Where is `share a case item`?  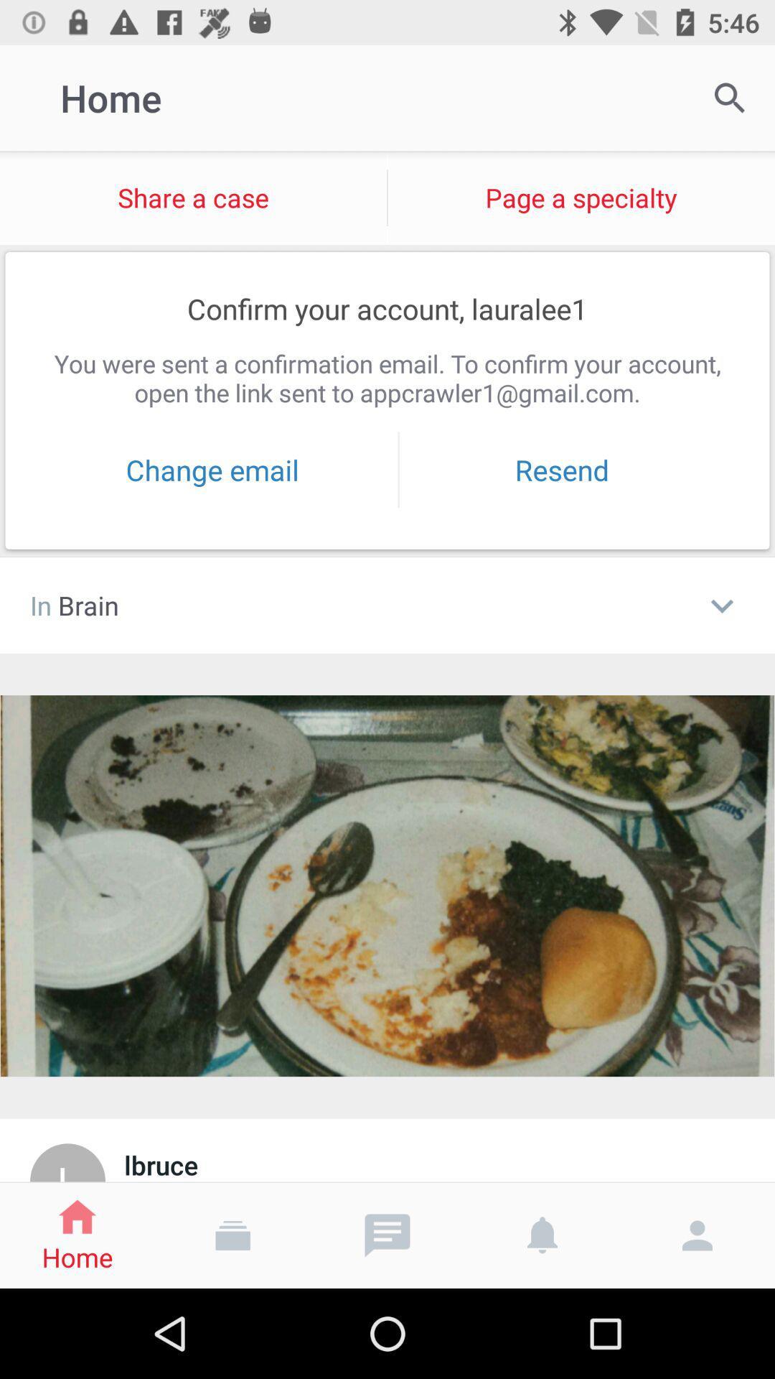
share a case item is located at coordinates (192, 197).